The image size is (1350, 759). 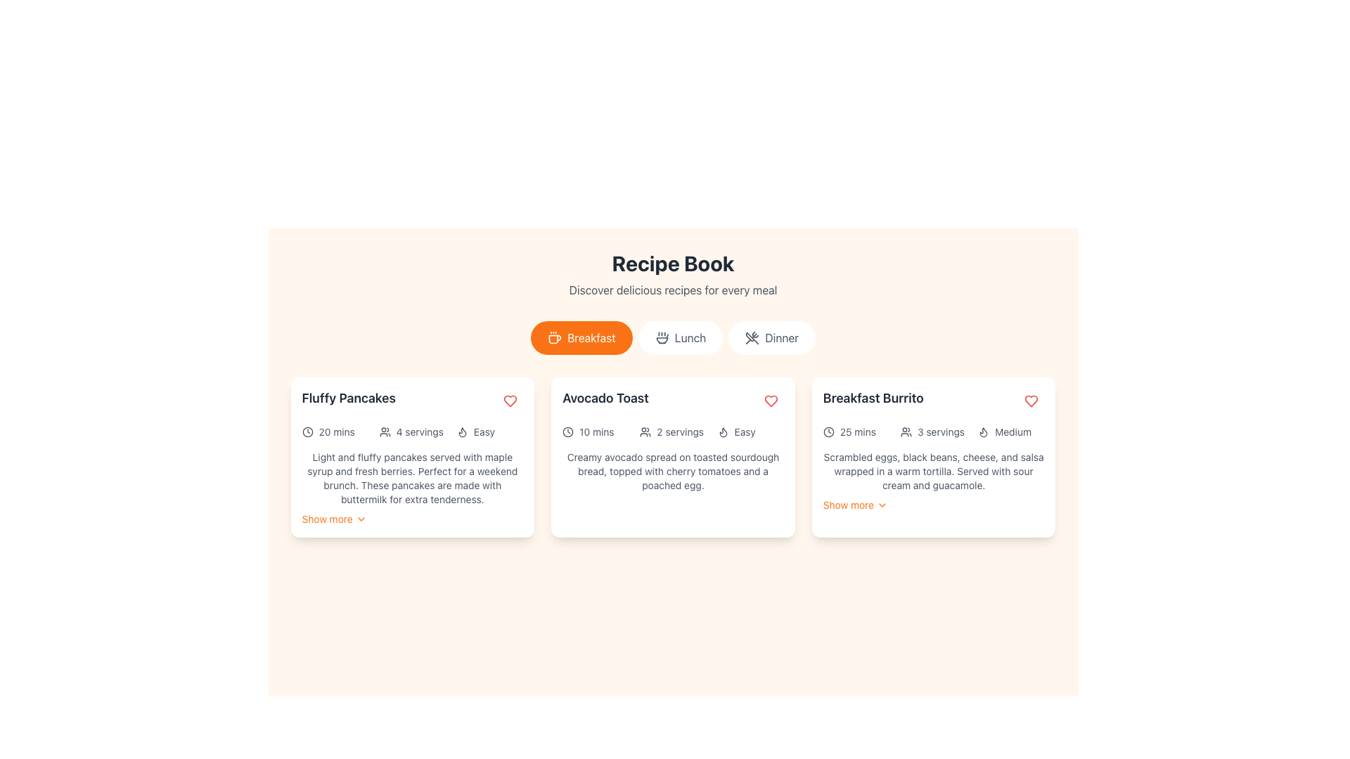 What do you see at coordinates (581, 338) in the screenshot?
I see `the 'Breakfast' button, which is a pill-shaped button with an orange background and white text and icon, located beneath the title 'Recipe Book'` at bounding box center [581, 338].